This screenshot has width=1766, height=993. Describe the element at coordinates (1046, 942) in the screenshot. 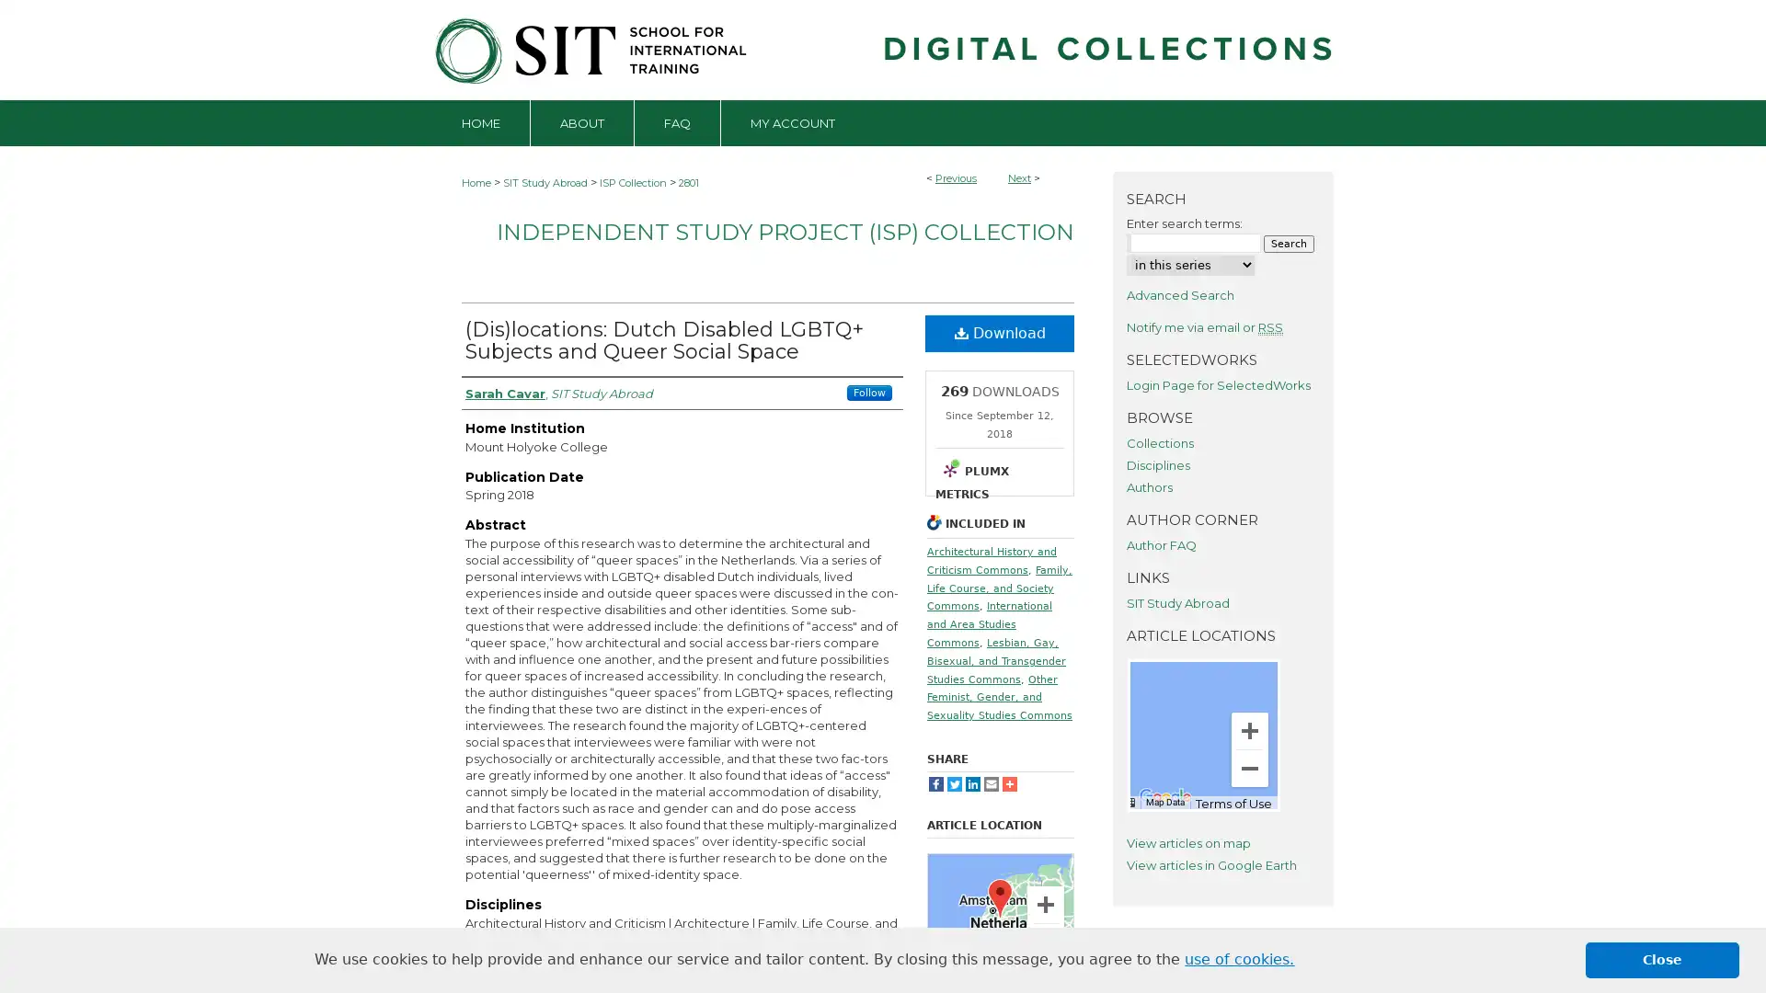

I see `Zoom out` at that location.